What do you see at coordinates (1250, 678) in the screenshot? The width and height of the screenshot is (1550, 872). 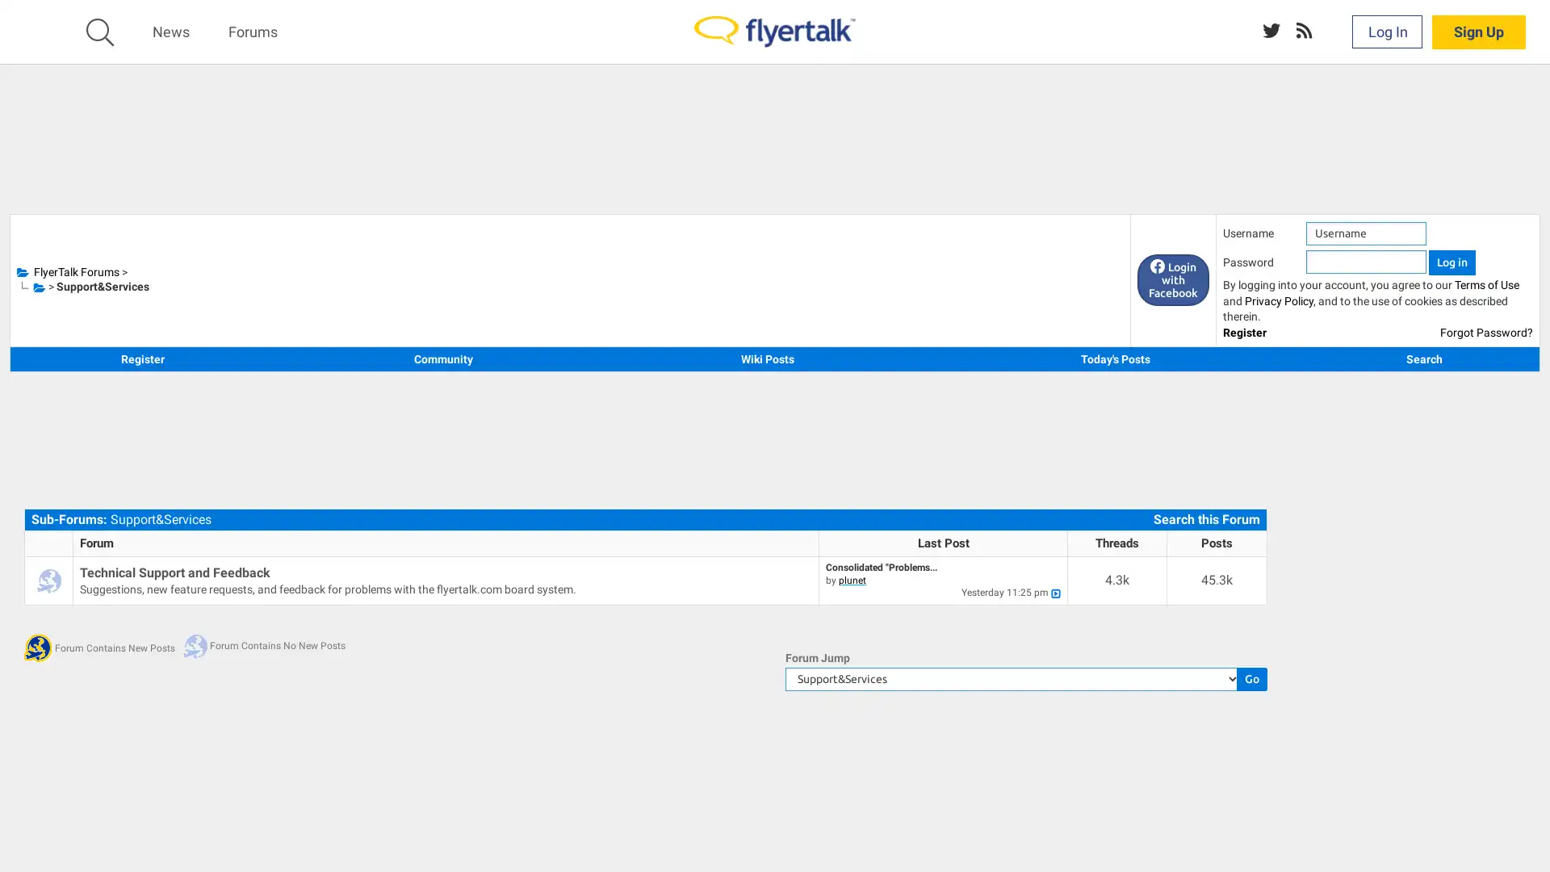 I see `Go` at bounding box center [1250, 678].